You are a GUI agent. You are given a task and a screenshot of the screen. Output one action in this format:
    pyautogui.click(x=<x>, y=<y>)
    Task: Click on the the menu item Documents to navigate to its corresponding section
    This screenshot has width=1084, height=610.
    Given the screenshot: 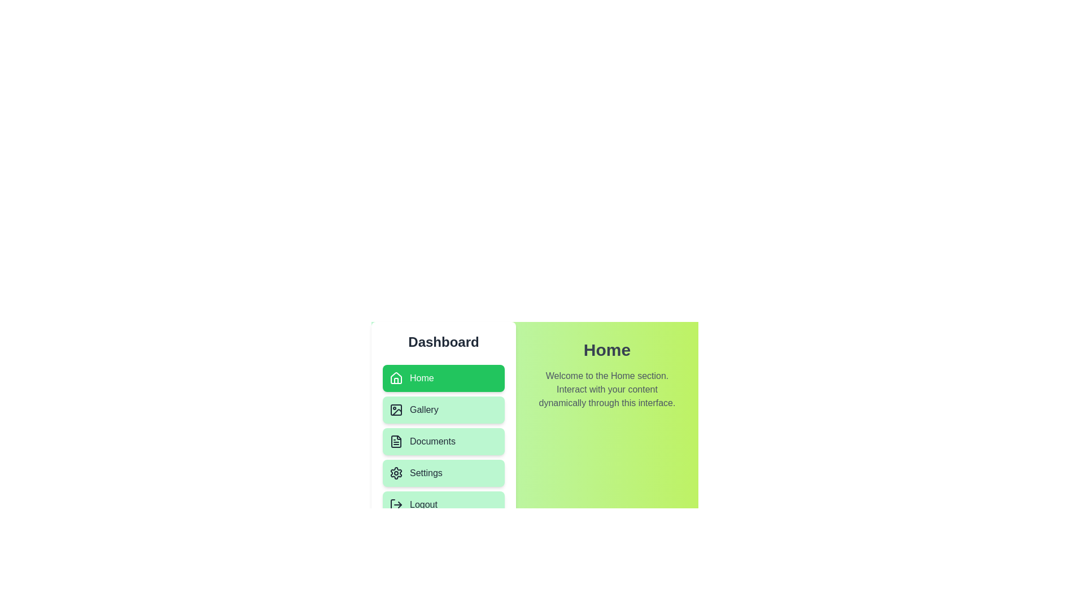 What is the action you would take?
    pyautogui.click(x=443, y=441)
    